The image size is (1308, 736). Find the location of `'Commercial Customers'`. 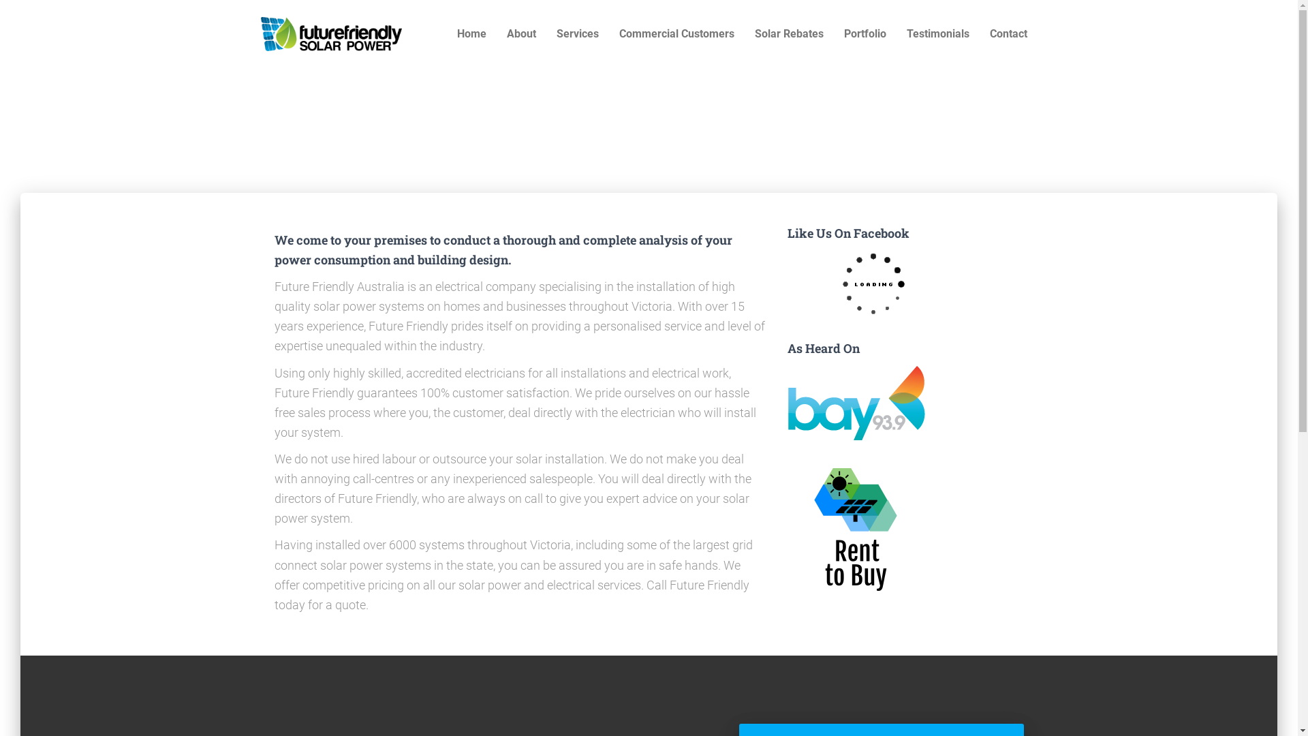

'Commercial Customers' is located at coordinates (676, 33).